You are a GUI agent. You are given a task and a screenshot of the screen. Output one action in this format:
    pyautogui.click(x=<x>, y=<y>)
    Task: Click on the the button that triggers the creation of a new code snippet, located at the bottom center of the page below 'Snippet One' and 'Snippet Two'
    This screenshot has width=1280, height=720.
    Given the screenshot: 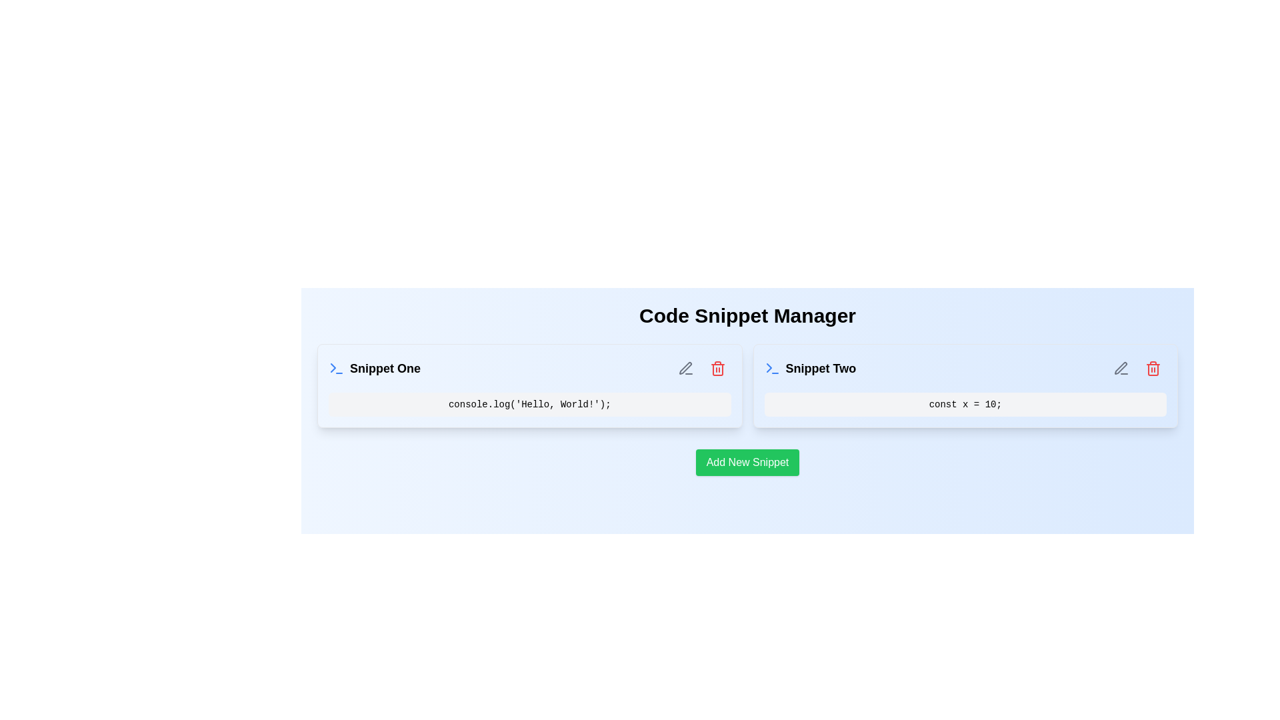 What is the action you would take?
    pyautogui.click(x=747, y=462)
    